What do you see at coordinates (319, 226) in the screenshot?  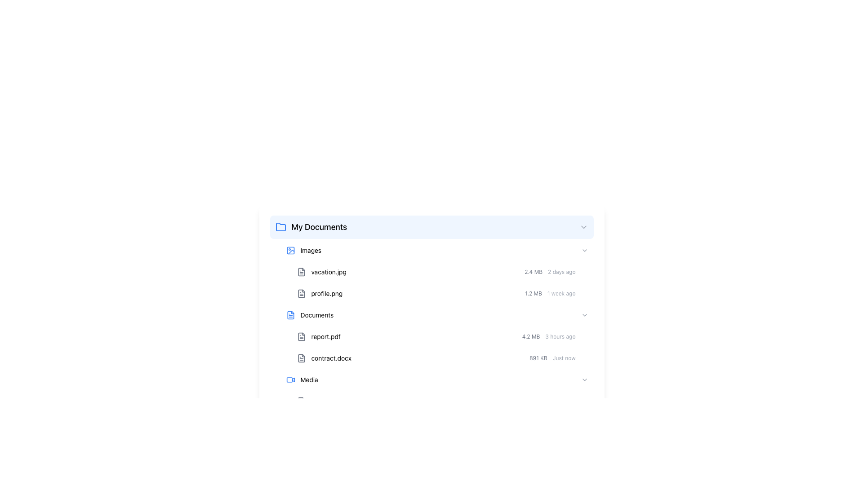 I see `the 'My Documents' text label, which is styled in black with a medium font weight and is located adjacent to a blue folder icon in the file explorer interface` at bounding box center [319, 226].